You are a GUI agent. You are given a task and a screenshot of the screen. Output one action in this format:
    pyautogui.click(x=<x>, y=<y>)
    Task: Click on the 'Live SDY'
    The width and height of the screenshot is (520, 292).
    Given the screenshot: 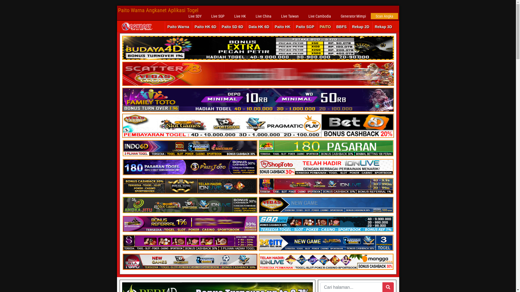 What is the action you would take?
    pyautogui.click(x=195, y=16)
    